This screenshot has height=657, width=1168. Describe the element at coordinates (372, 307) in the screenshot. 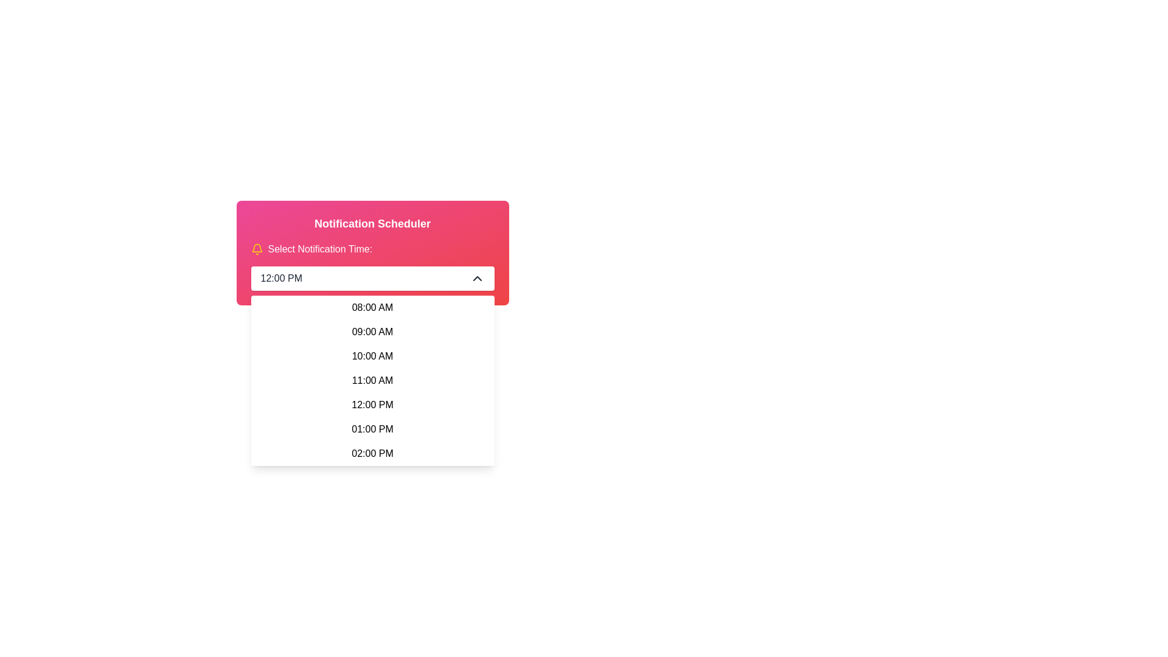

I see `the first option in the dropdown menu that allows users to select '08:00 AM' as their desired time` at that location.